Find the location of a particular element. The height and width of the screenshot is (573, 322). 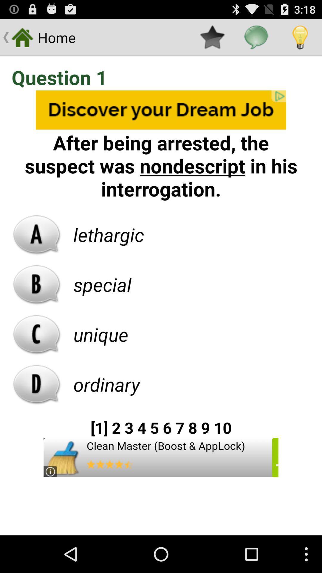

clean master iceon is located at coordinates (161, 457).